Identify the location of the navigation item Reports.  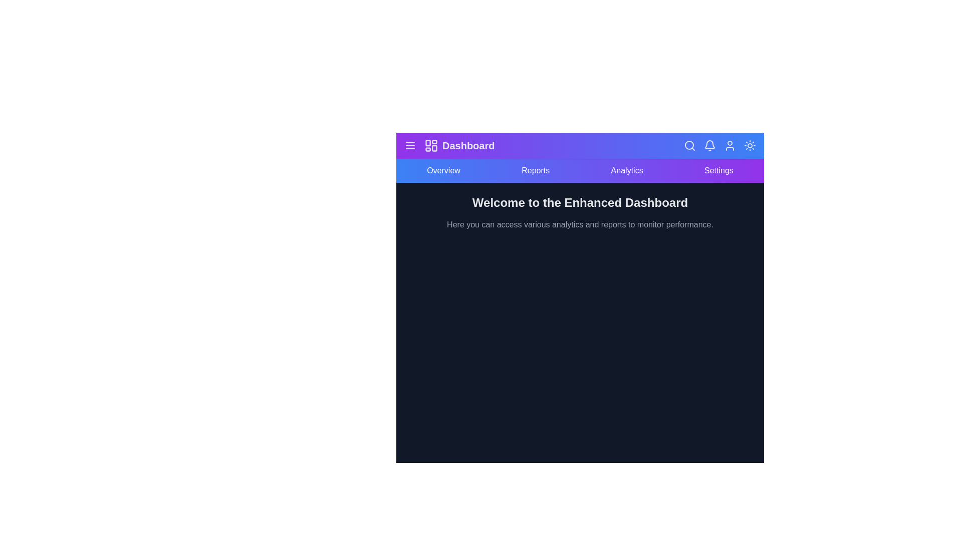
(535, 170).